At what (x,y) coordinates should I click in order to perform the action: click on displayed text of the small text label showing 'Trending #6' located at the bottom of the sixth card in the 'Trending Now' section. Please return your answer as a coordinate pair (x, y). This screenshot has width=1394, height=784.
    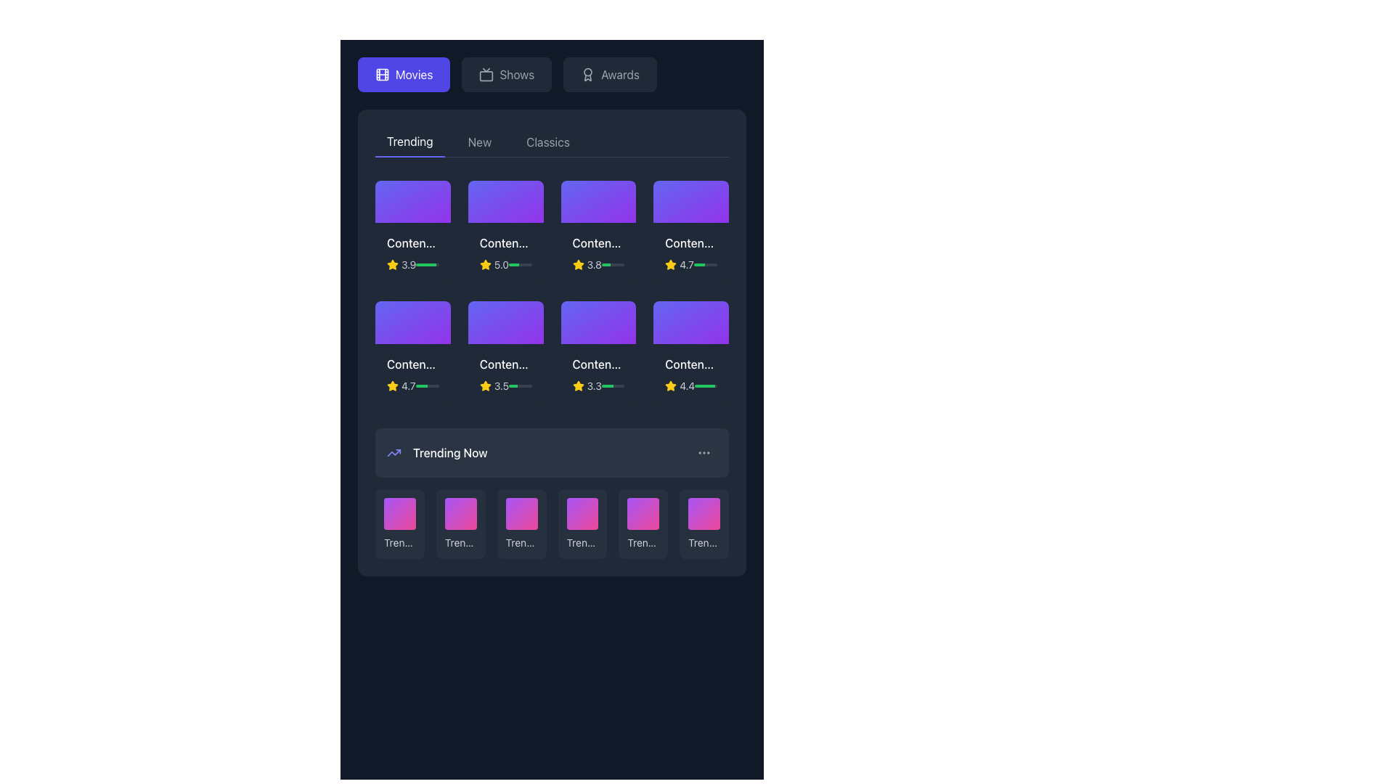
    Looking at the image, I should click on (704, 542).